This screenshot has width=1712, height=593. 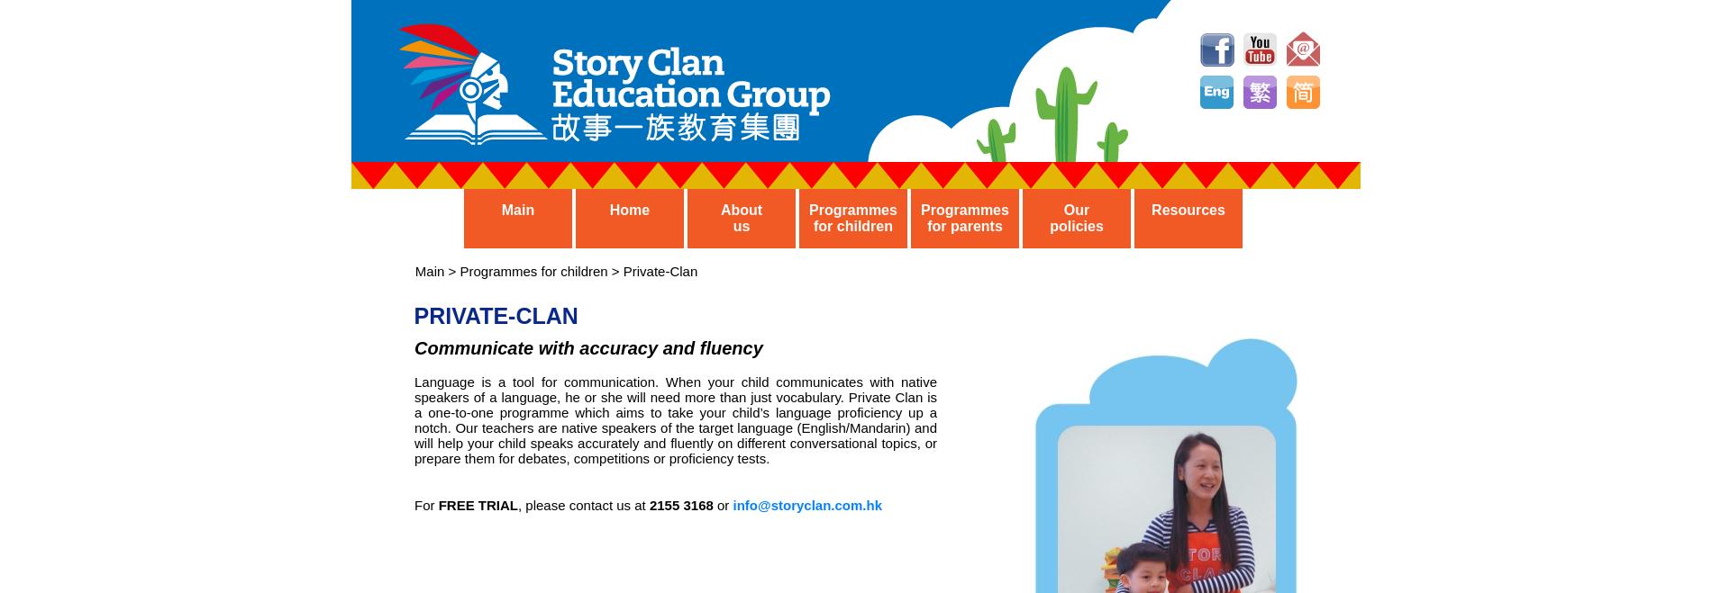 I want to click on ', please contact us at', so click(x=583, y=505).